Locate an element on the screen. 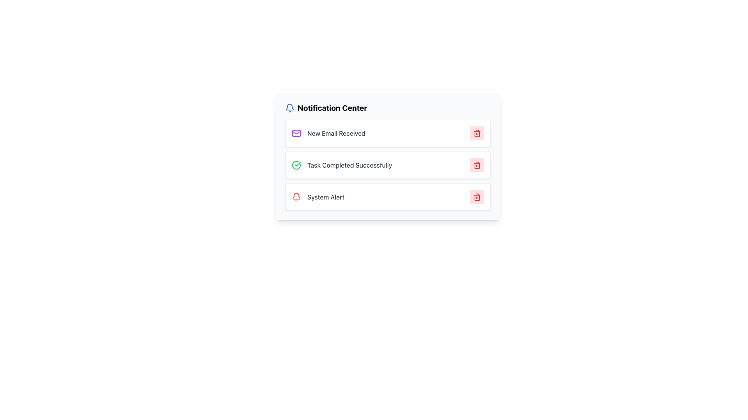 This screenshot has width=748, height=420. the bell-shaped icon with a red stroke color, located to the left of the 'System Alert' text is located at coordinates (296, 196).